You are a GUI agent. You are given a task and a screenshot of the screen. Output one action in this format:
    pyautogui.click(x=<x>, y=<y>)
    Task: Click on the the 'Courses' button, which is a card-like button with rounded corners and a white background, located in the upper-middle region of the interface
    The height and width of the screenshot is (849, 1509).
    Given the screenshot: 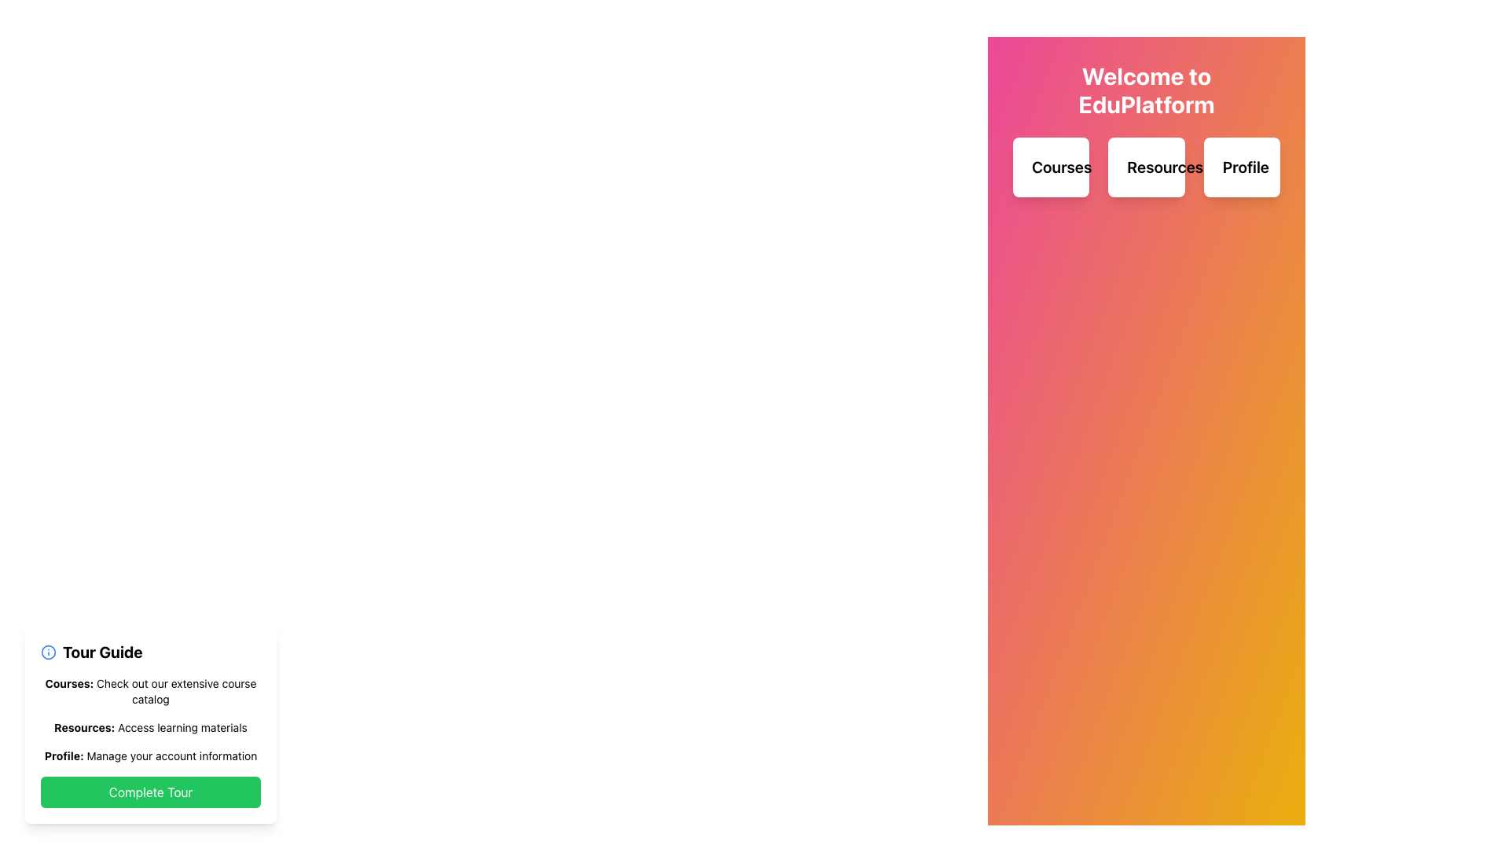 What is the action you would take?
    pyautogui.click(x=1051, y=167)
    